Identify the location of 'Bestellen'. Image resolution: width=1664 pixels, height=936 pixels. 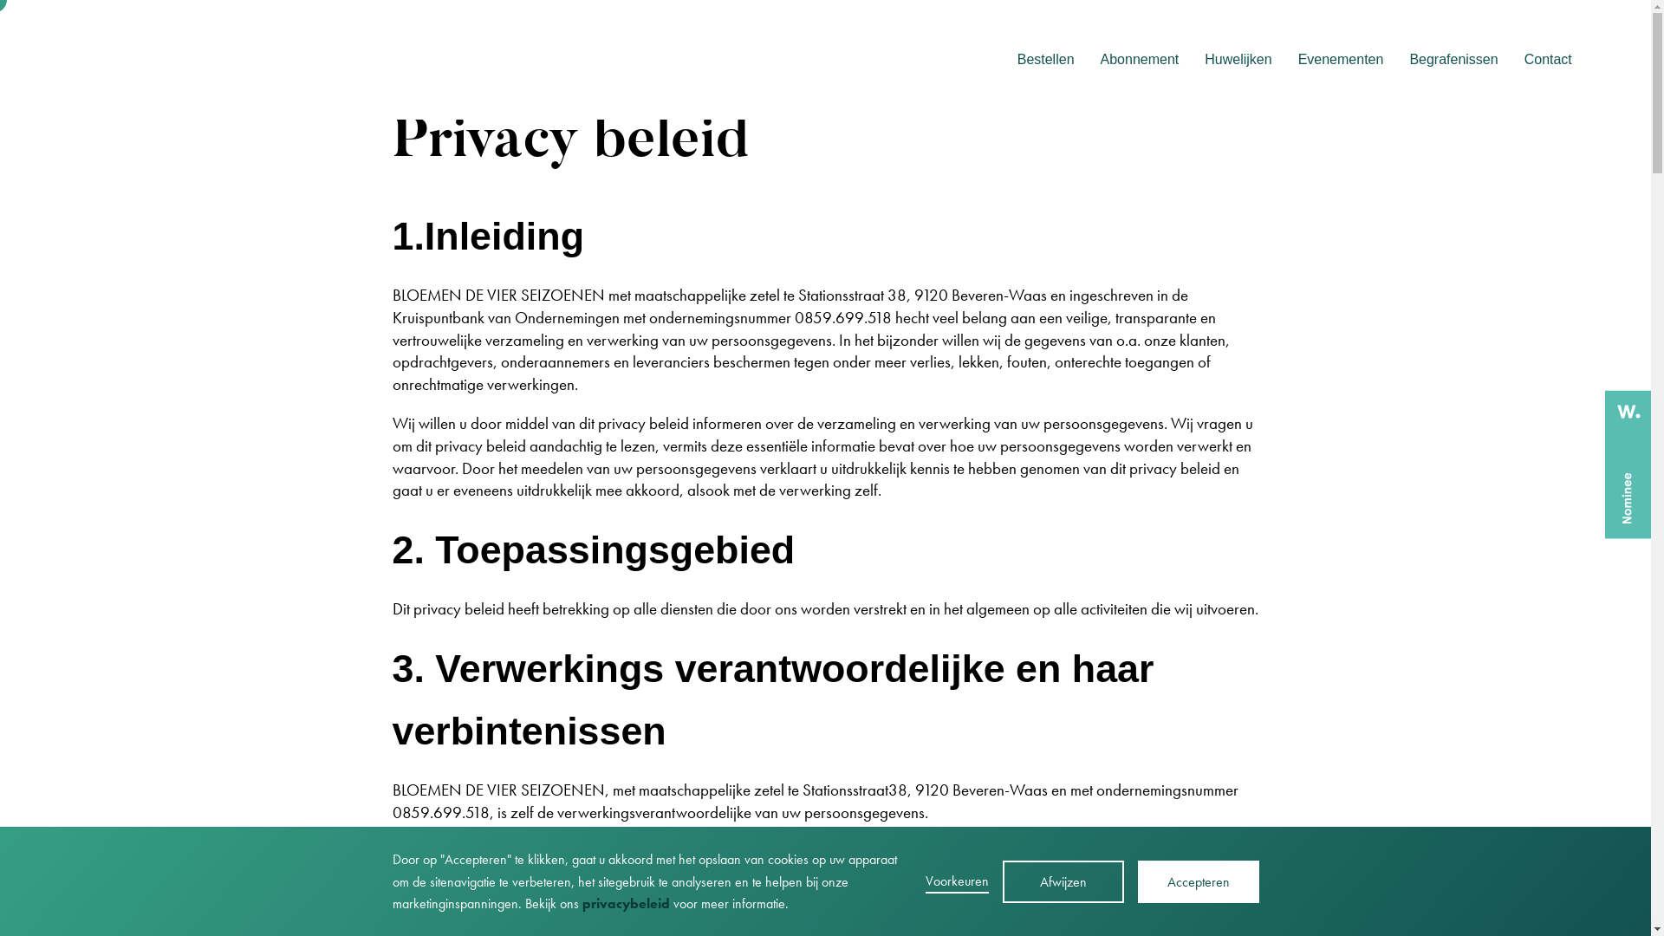
(1017, 59).